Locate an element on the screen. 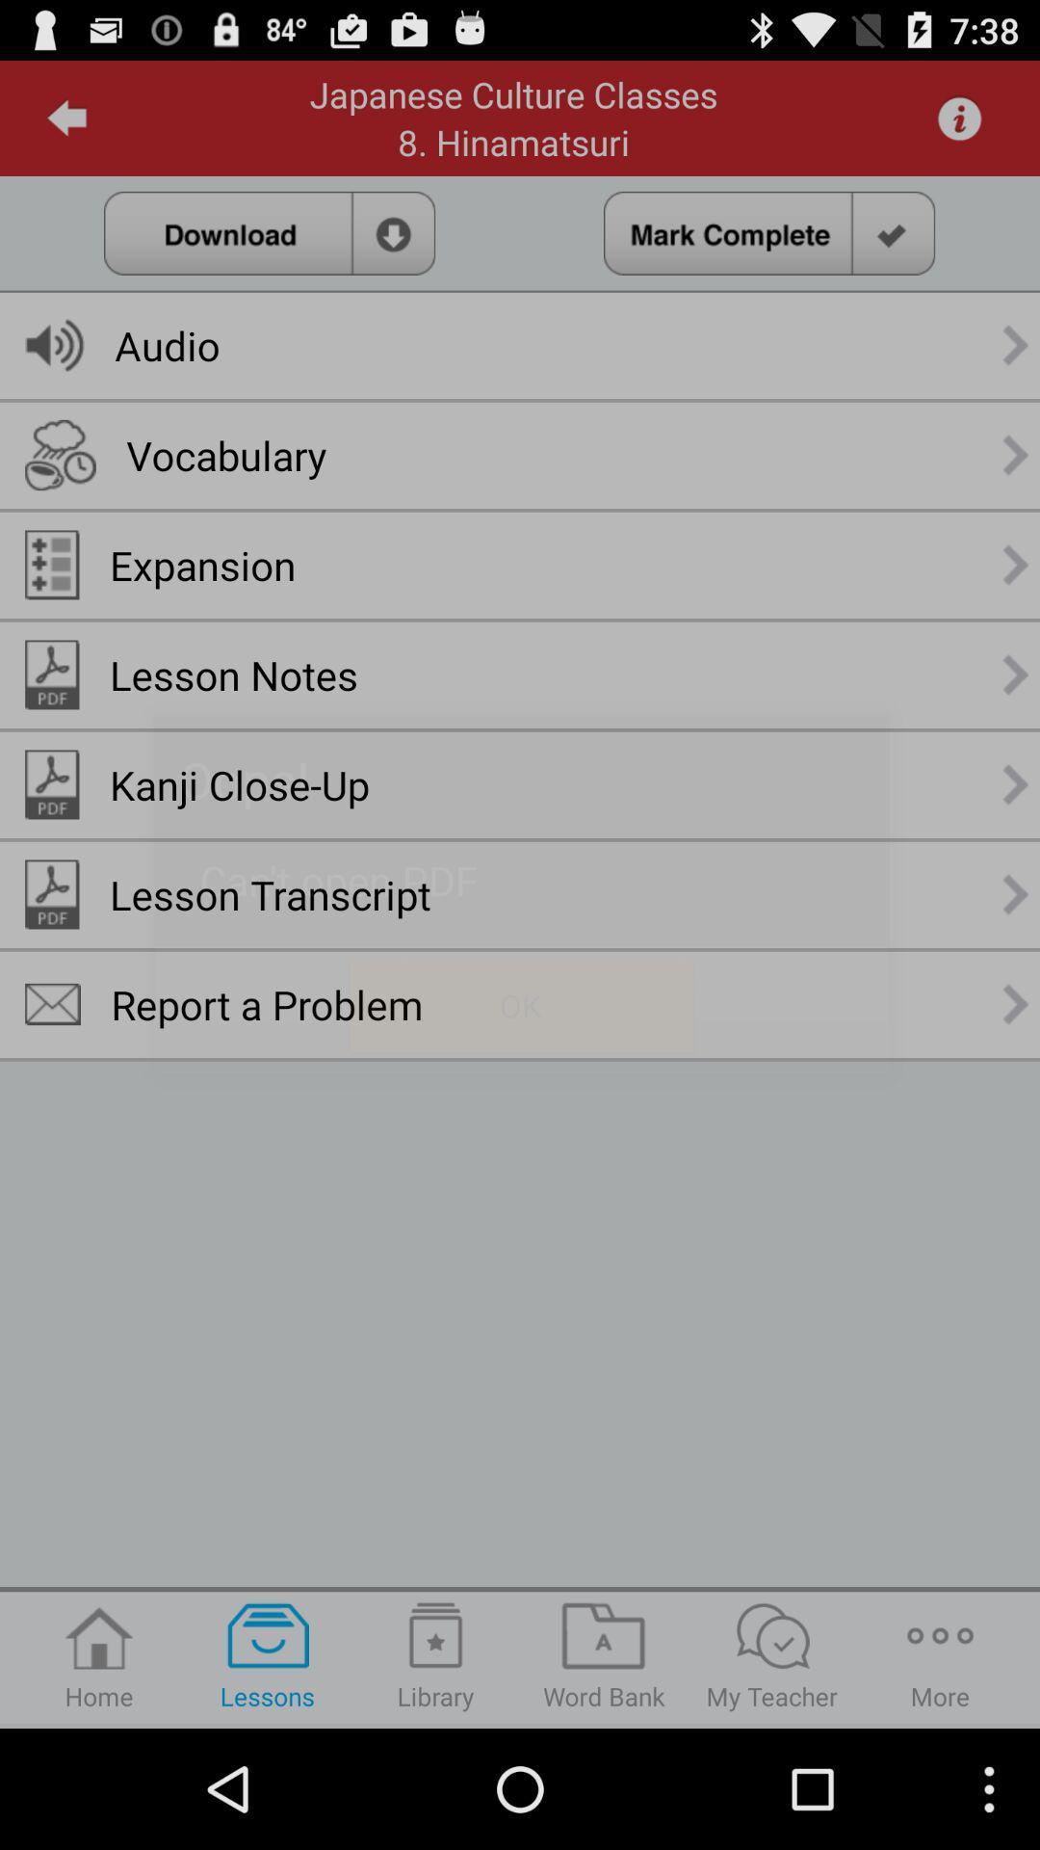 The image size is (1040, 1850). the kanji close-up is located at coordinates (239, 784).